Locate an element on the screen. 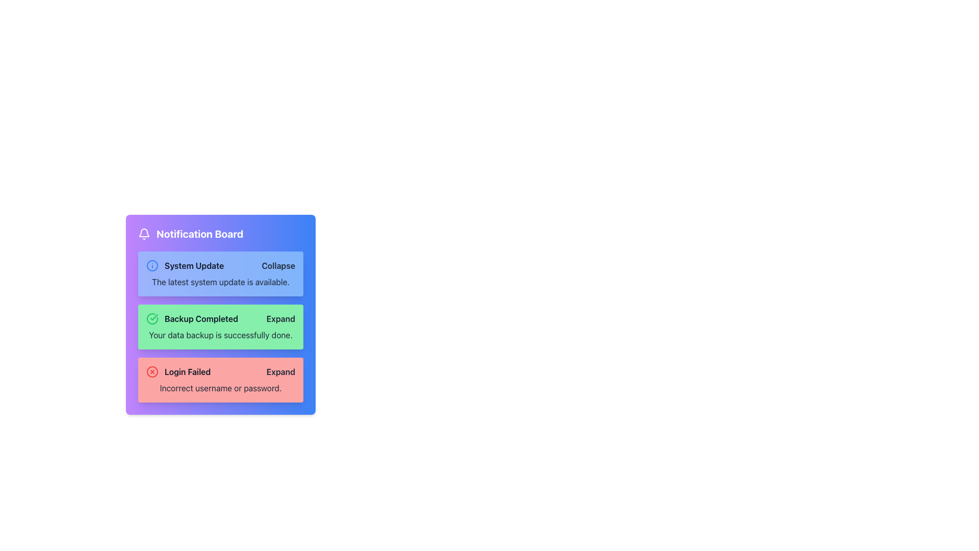 The height and width of the screenshot is (551, 979). the 'Expand' text on the Notification Header with a red background that indicates 'Login Failed' is located at coordinates (220, 372).